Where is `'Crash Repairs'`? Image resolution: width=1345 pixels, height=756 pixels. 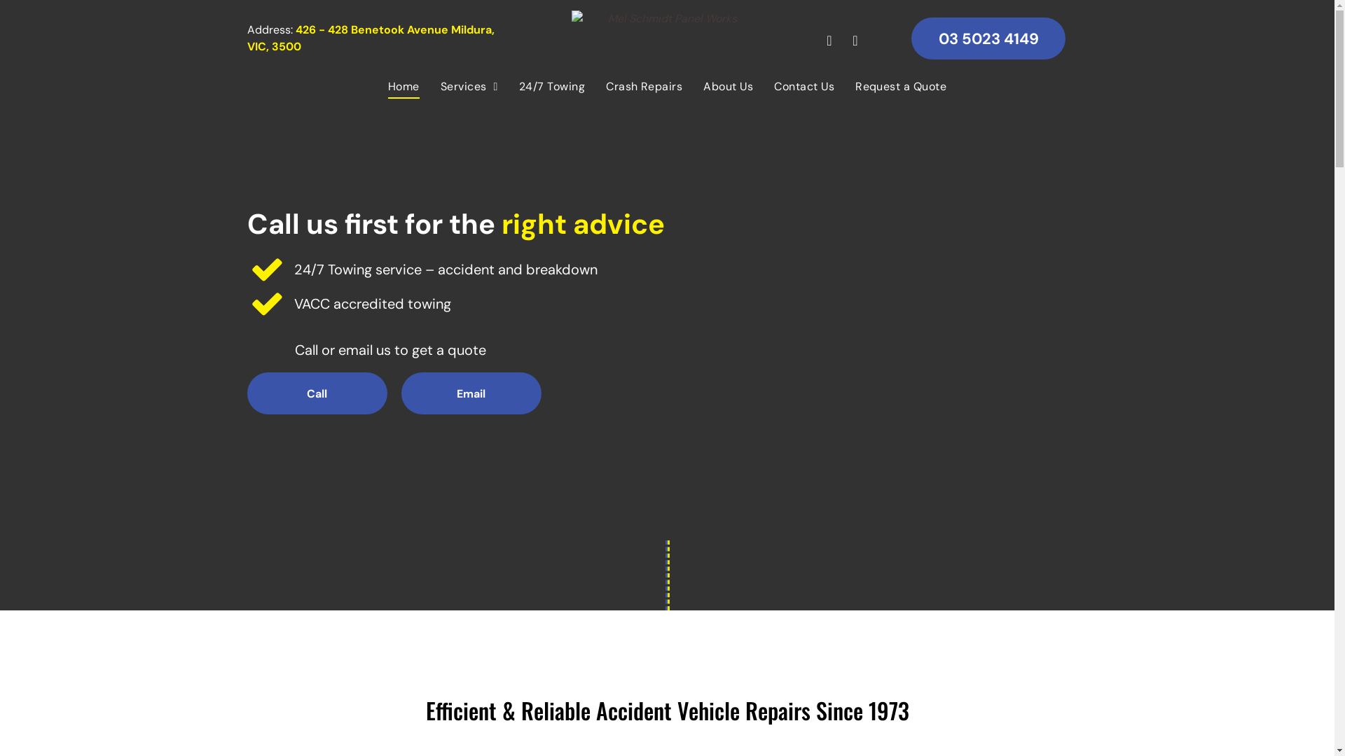 'Crash Repairs' is located at coordinates (595, 86).